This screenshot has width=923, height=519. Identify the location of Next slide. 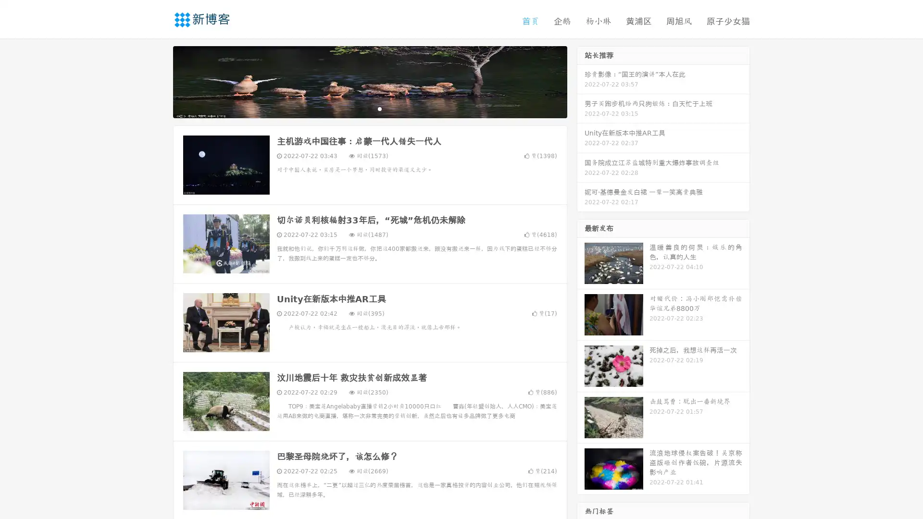
(581, 81).